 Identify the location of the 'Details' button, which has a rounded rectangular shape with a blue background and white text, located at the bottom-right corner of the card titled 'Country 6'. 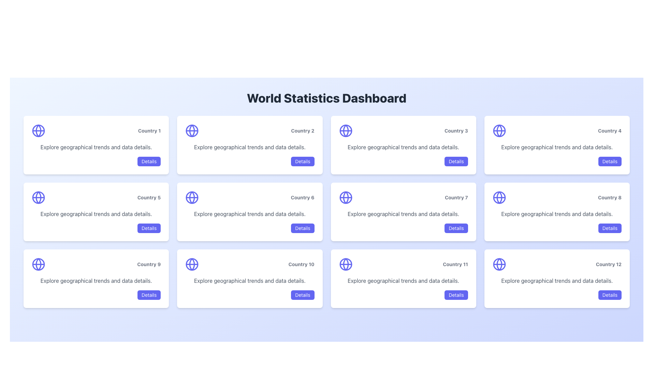
(302, 228).